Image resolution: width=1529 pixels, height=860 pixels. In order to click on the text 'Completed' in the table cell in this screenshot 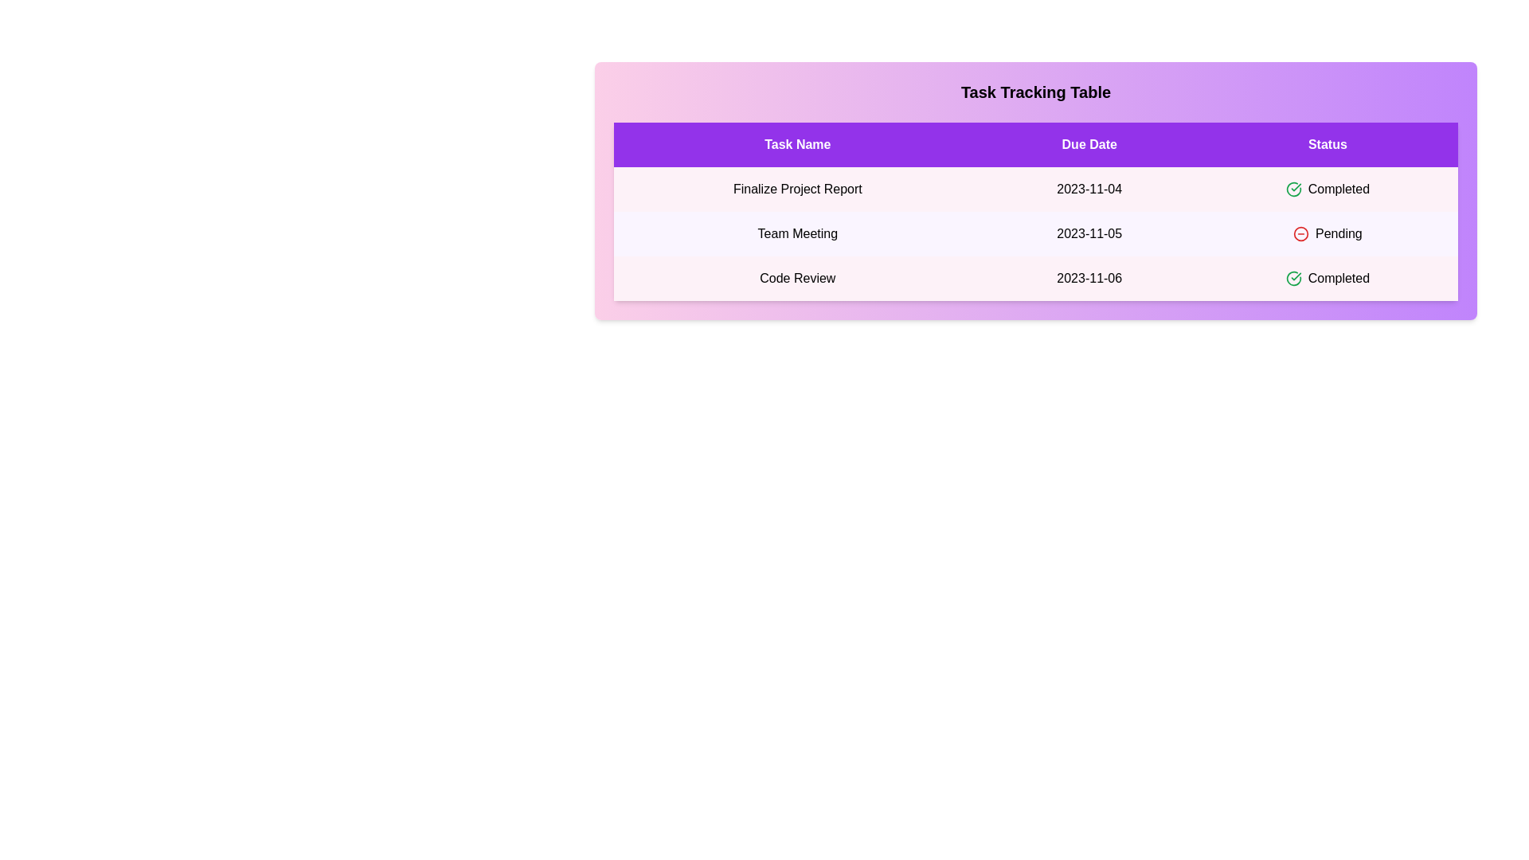, I will do `click(1328, 189)`.